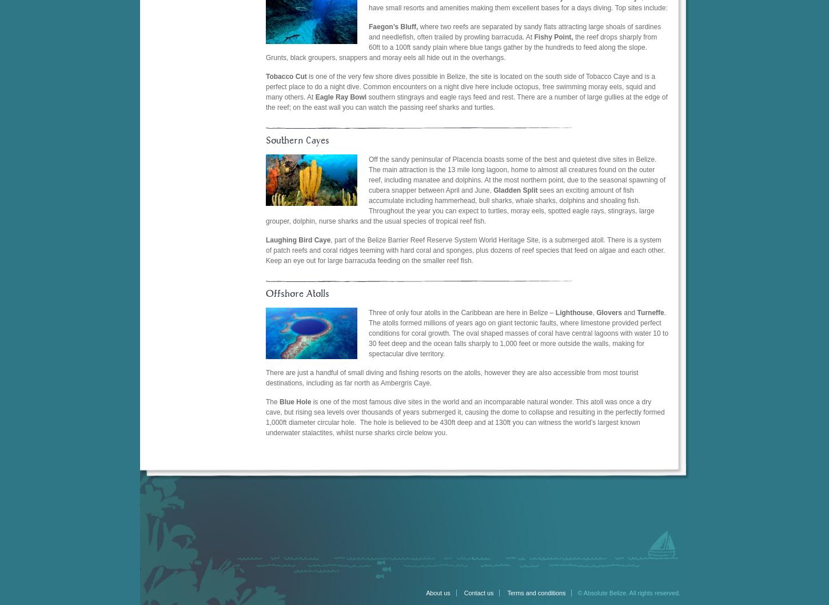 The height and width of the screenshot is (605, 829). What do you see at coordinates (460, 85) in the screenshot?
I see `'is one of the very few shore dives possible in Belize, the site is located on the south side of Tobacco Caye and is a perfect place to do a night dive. Common encounters on a night dive here include octopus, free swimming moray eels, squid and many others. At'` at bounding box center [460, 85].